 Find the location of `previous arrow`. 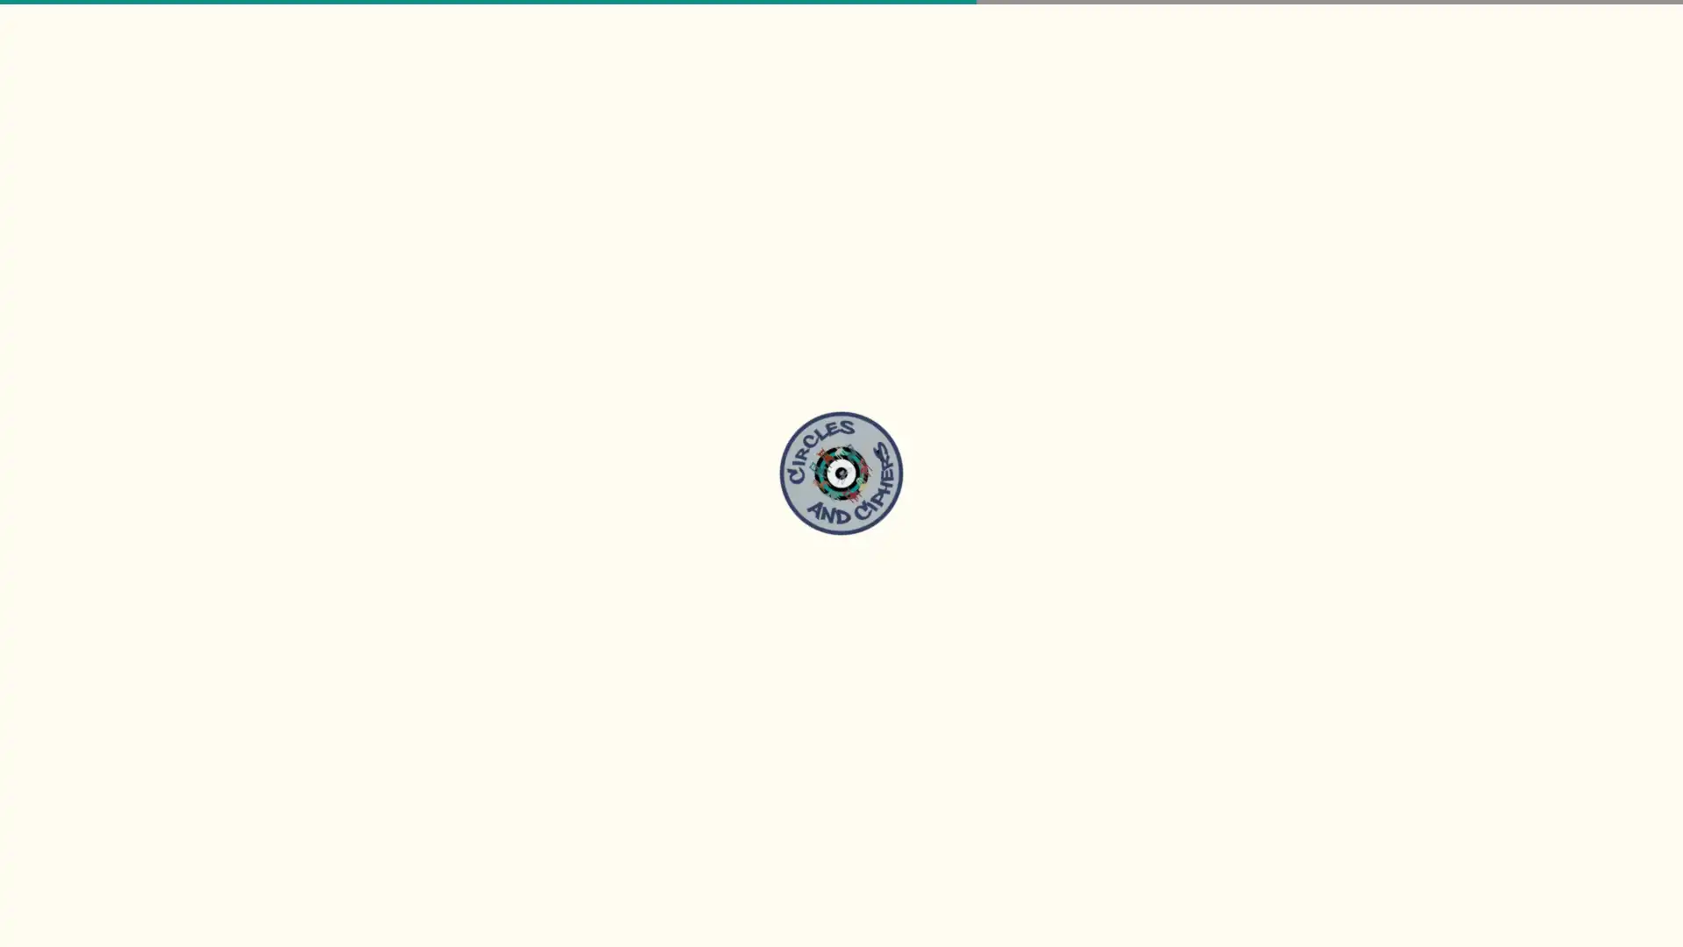

previous arrow is located at coordinates (26, 367).